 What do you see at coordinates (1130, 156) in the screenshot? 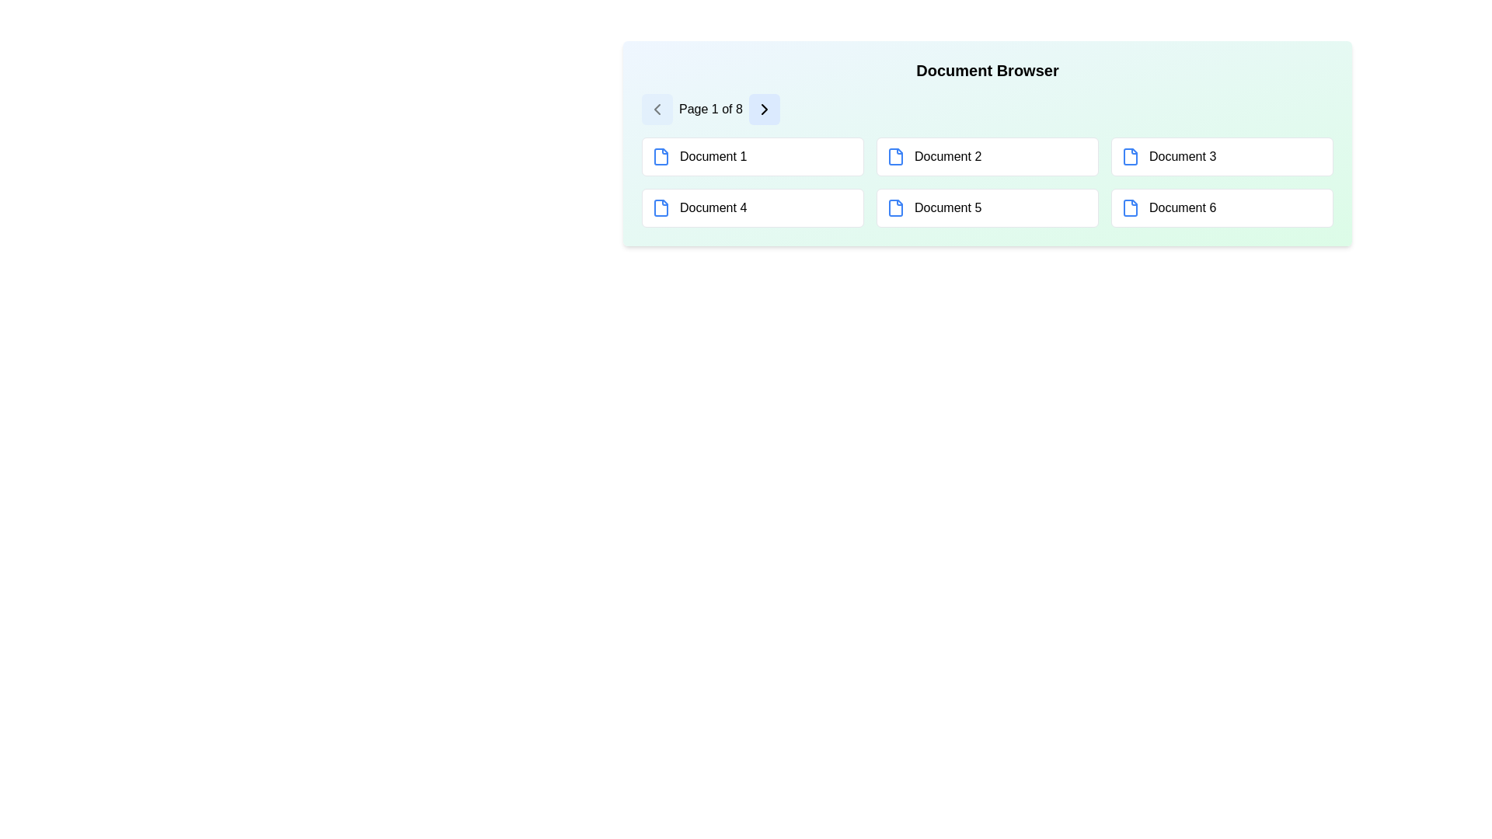
I see `the SVG icon representing a file or document, which is styled with a blue outline and white fill, located at the far left of the 'Document 3' block in the 'Document Browser'` at bounding box center [1130, 156].